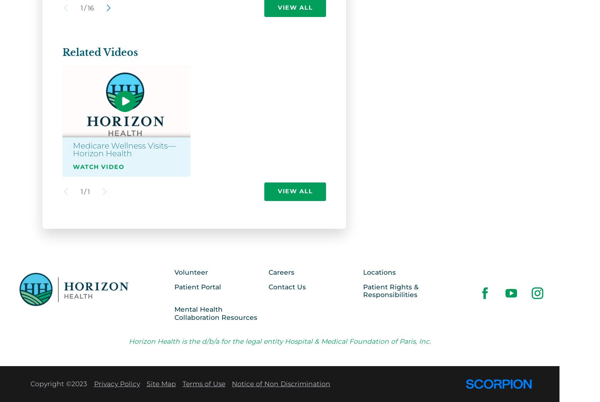 The width and height of the screenshot is (600, 402). I want to click on 'Patient Portal', so click(197, 286).